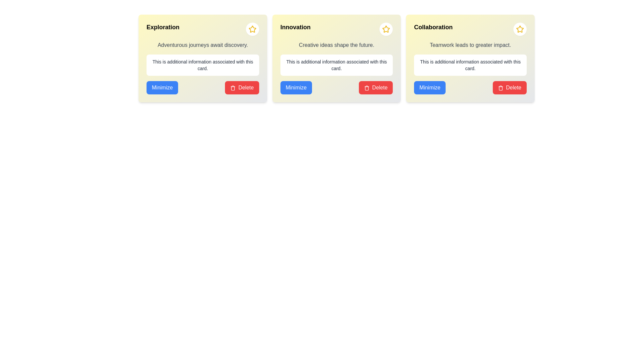  I want to click on the descriptive text located within the 'Collaboration' card, positioned underneath the title 'Collaboration', so click(470, 45).